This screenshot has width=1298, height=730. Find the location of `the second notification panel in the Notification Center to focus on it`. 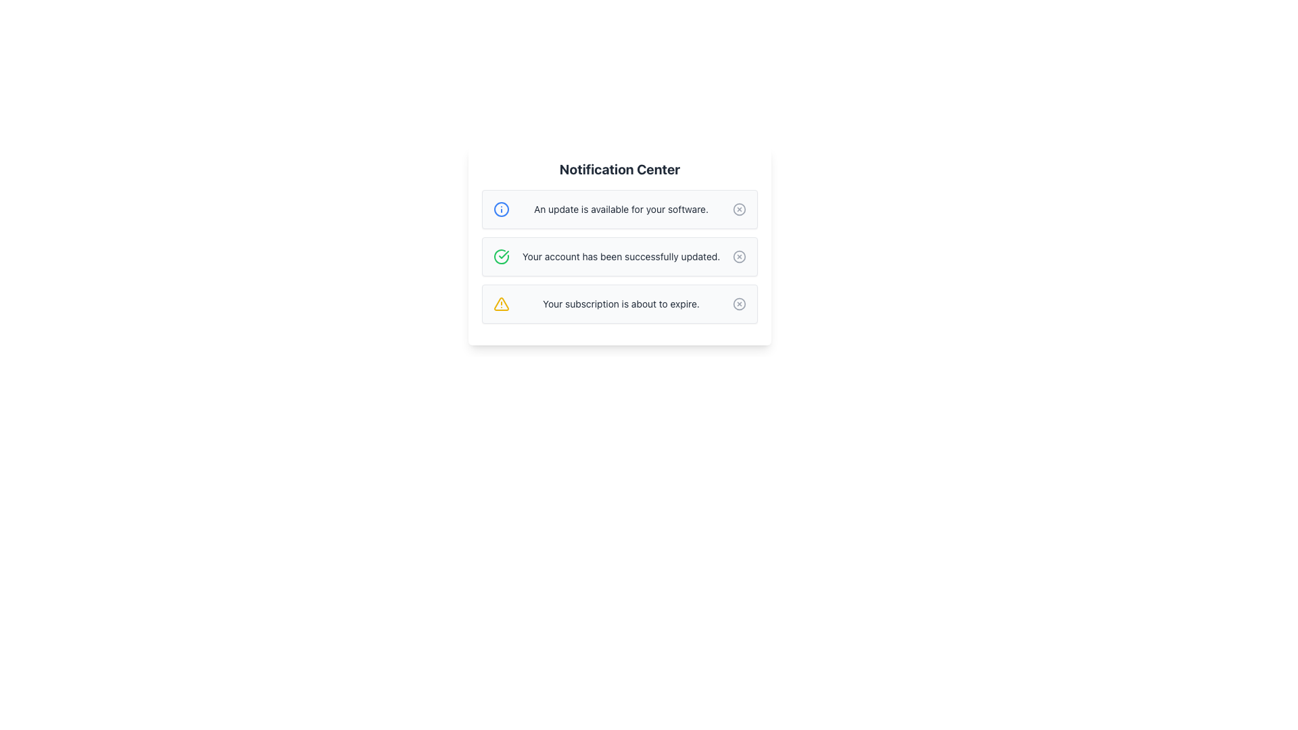

the second notification panel in the Notification Center to focus on it is located at coordinates (619, 245).